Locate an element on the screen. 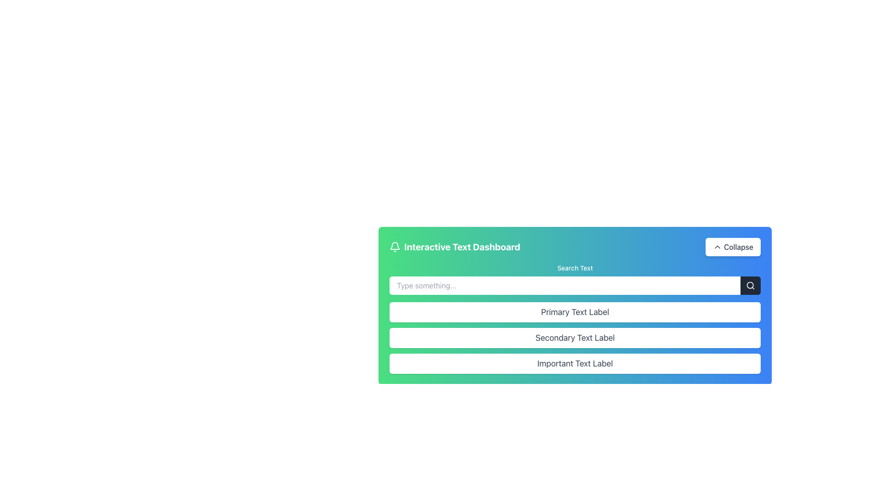 This screenshot has width=882, height=496. the button associated with the text label that triggers the collapse action, located in the top-right corner of the dashboard interface is located at coordinates (739, 246).